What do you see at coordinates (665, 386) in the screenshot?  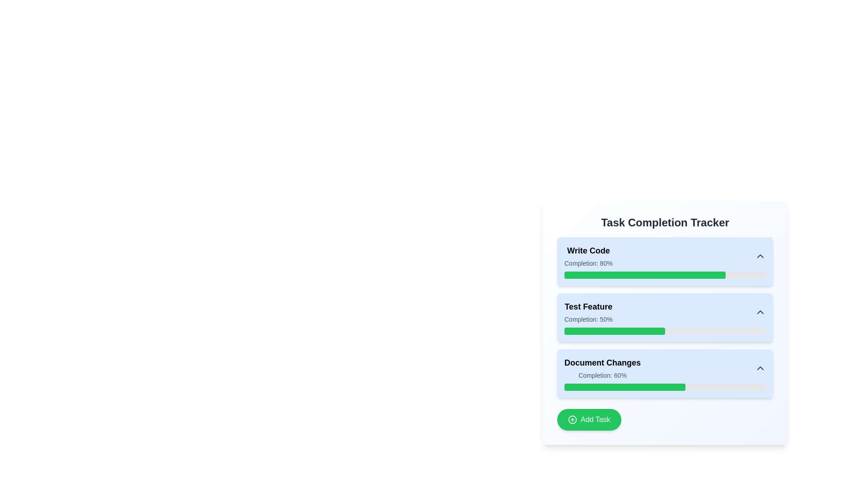 I see `the horizontal progress bar representing 60% completion, located in the 'Document Changes' section beneath 'Completion: 60%'` at bounding box center [665, 386].